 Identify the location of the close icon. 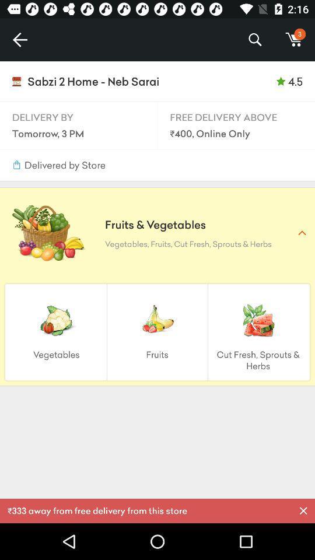
(303, 510).